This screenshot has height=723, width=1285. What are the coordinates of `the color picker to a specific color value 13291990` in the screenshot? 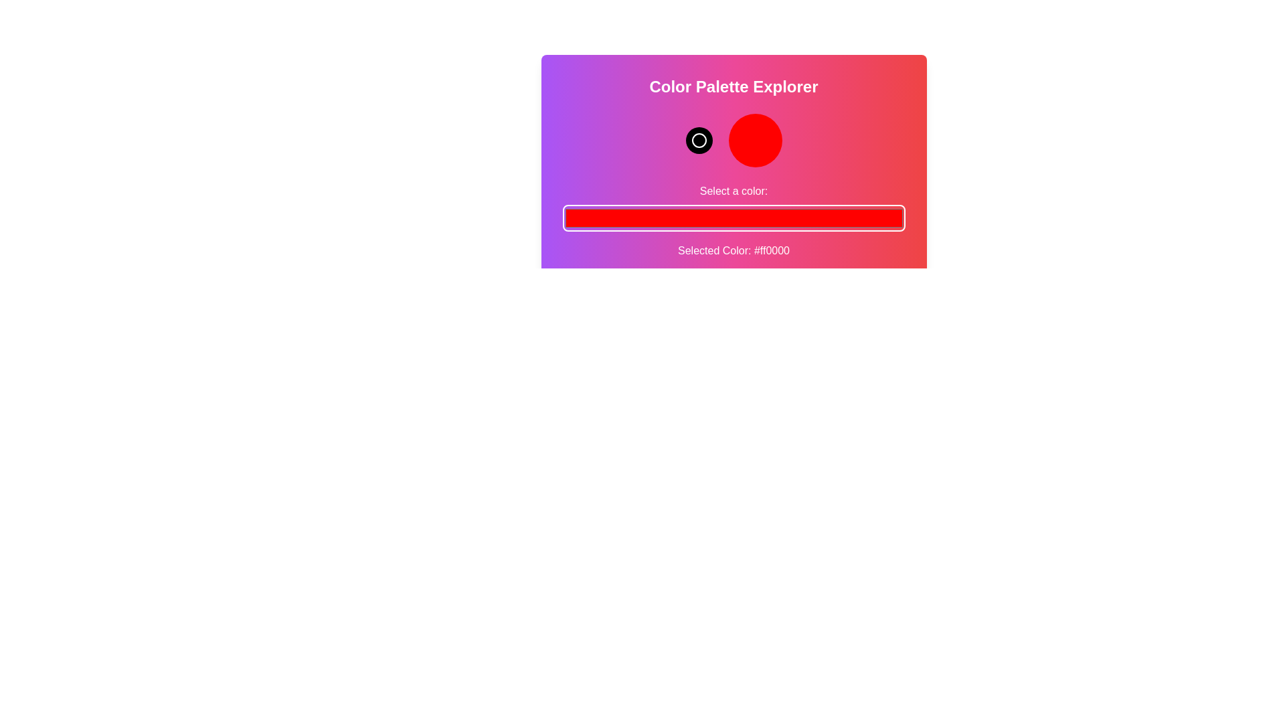 It's located at (733, 218).